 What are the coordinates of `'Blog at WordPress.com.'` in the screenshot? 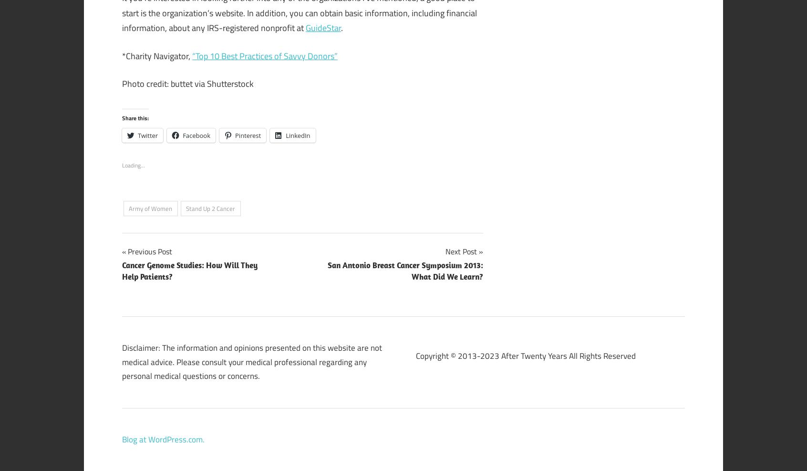 It's located at (163, 439).